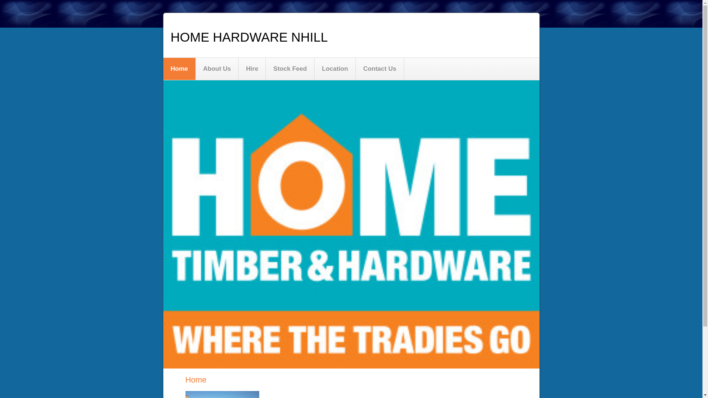 The width and height of the screenshot is (708, 398). Describe the element at coordinates (290, 69) in the screenshot. I see `'Stock Feed'` at that location.